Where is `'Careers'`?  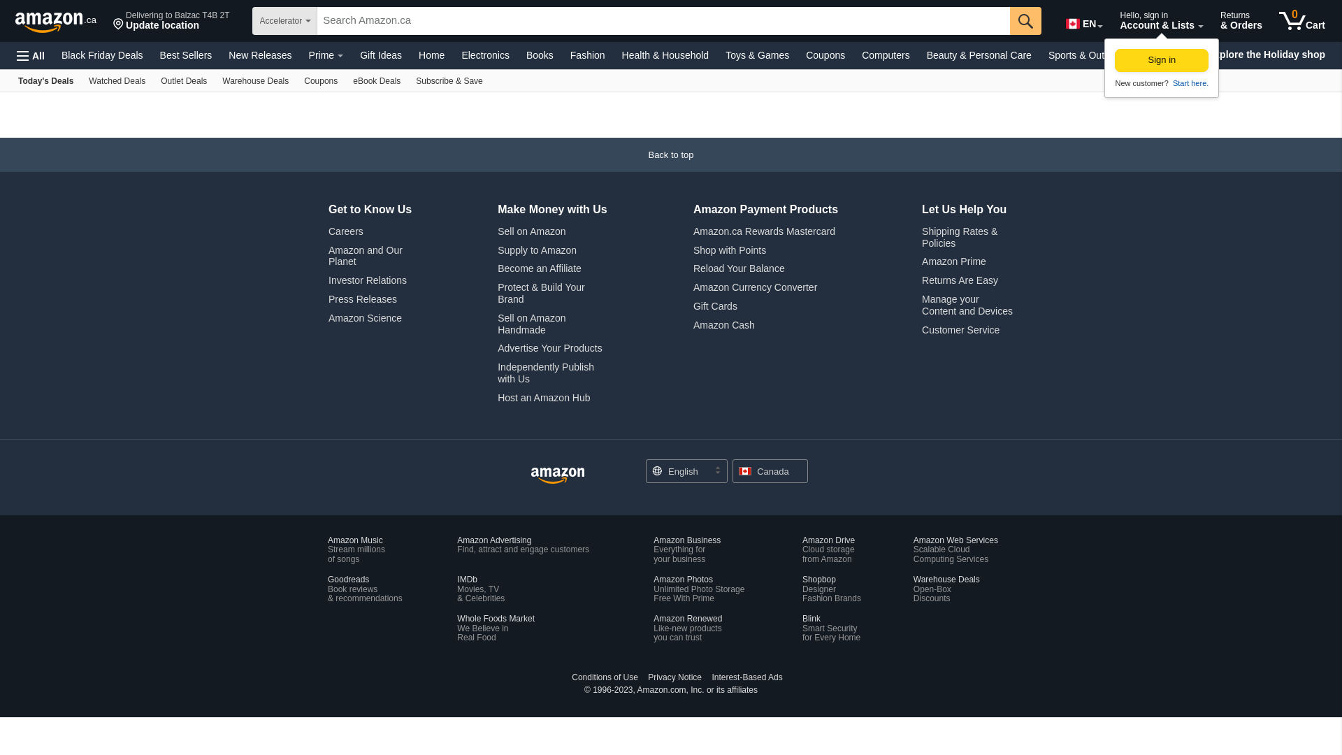 'Careers' is located at coordinates (345, 231).